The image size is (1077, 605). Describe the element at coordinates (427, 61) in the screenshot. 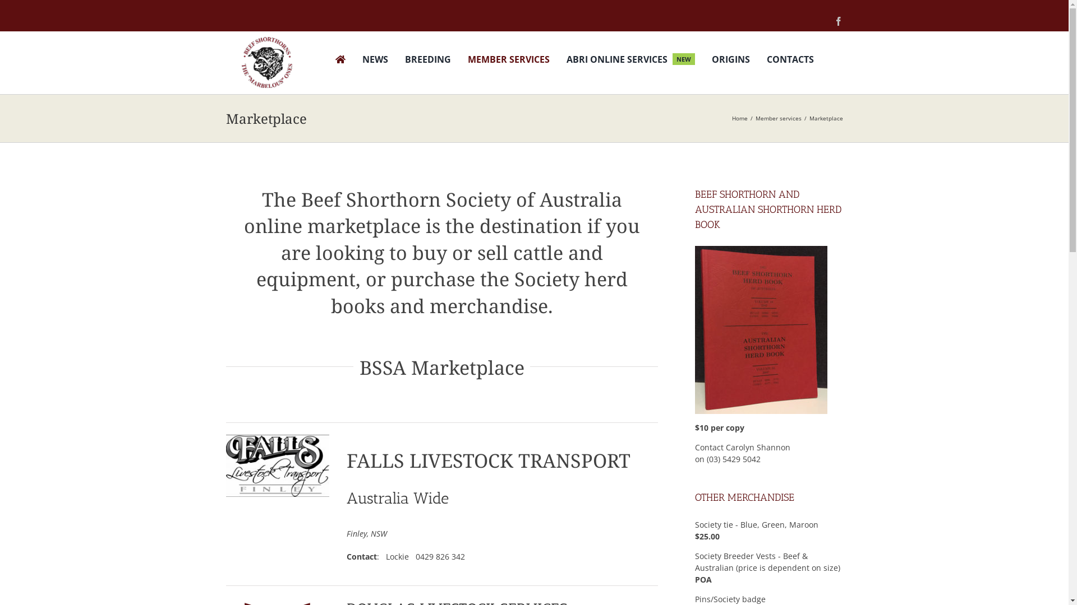

I see `'BREEDING'` at that location.